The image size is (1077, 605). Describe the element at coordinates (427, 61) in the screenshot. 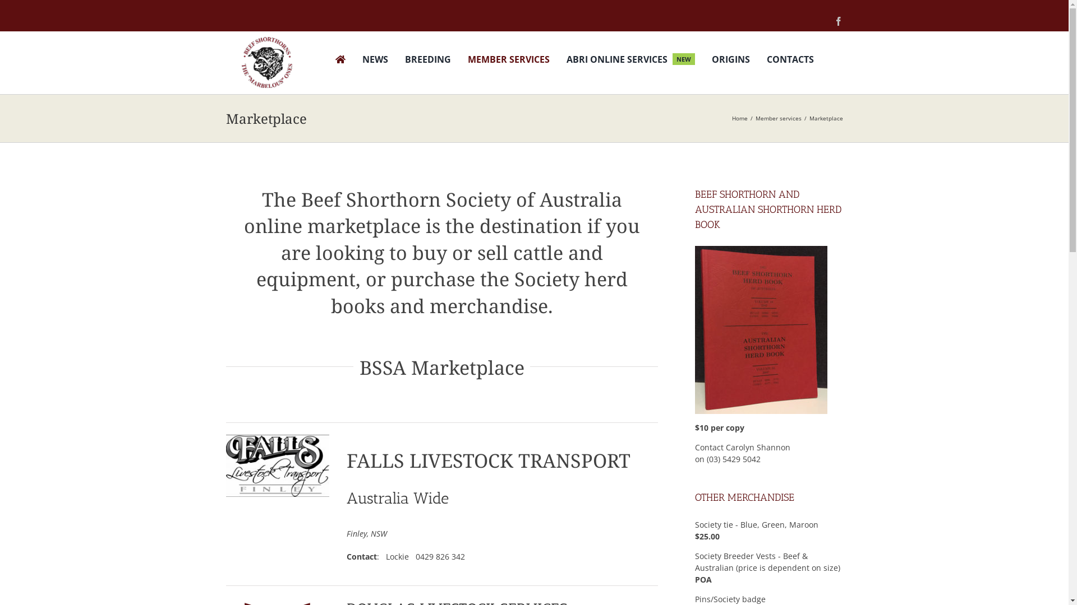

I see `'BREEDING'` at that location.